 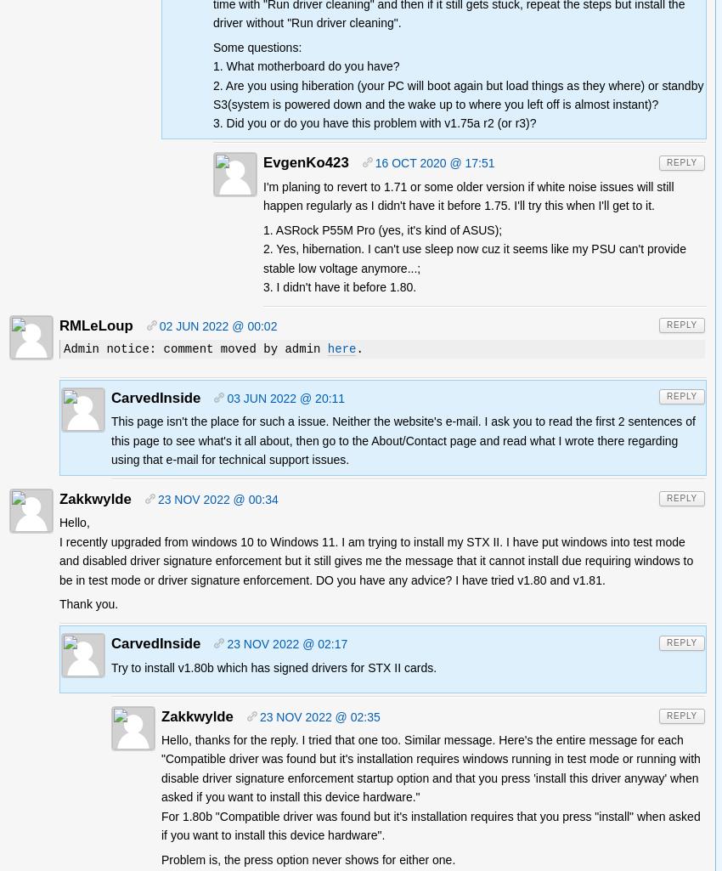 I want to click on '03 Jun 2022 @ 20:11', so click(x=225, y=399).